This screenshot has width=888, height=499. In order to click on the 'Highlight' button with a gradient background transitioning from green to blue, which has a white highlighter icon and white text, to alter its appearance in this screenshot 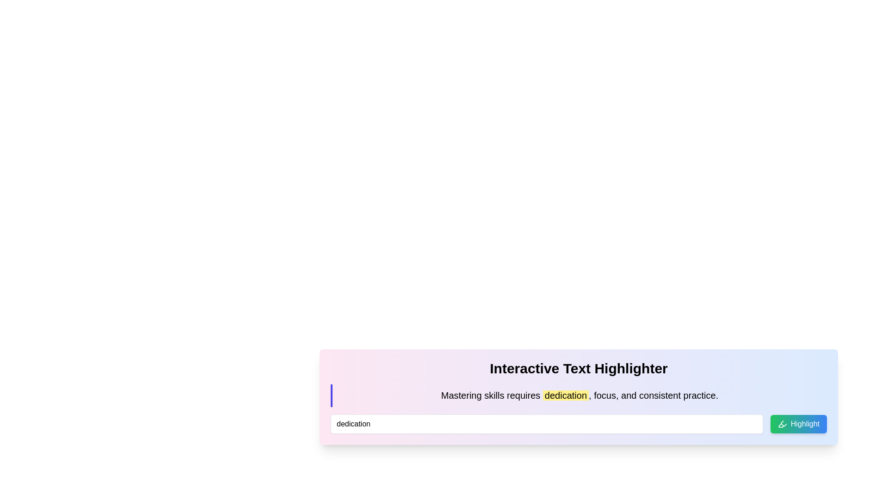, I will do `click(798, 424)`.